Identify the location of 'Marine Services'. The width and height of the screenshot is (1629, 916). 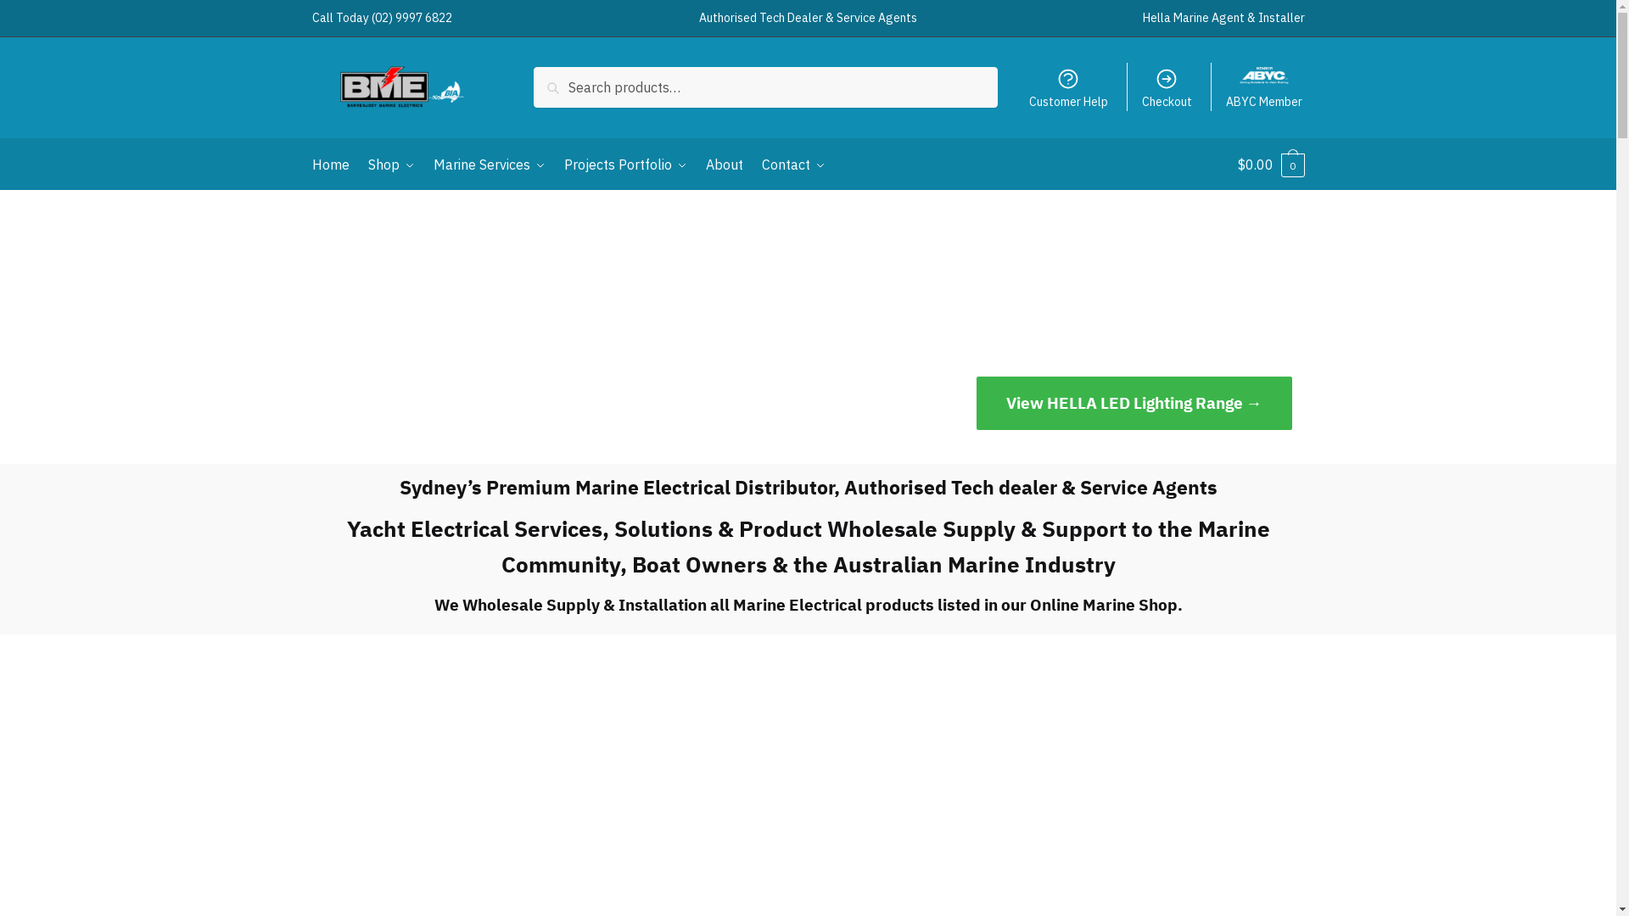
(488, 164).